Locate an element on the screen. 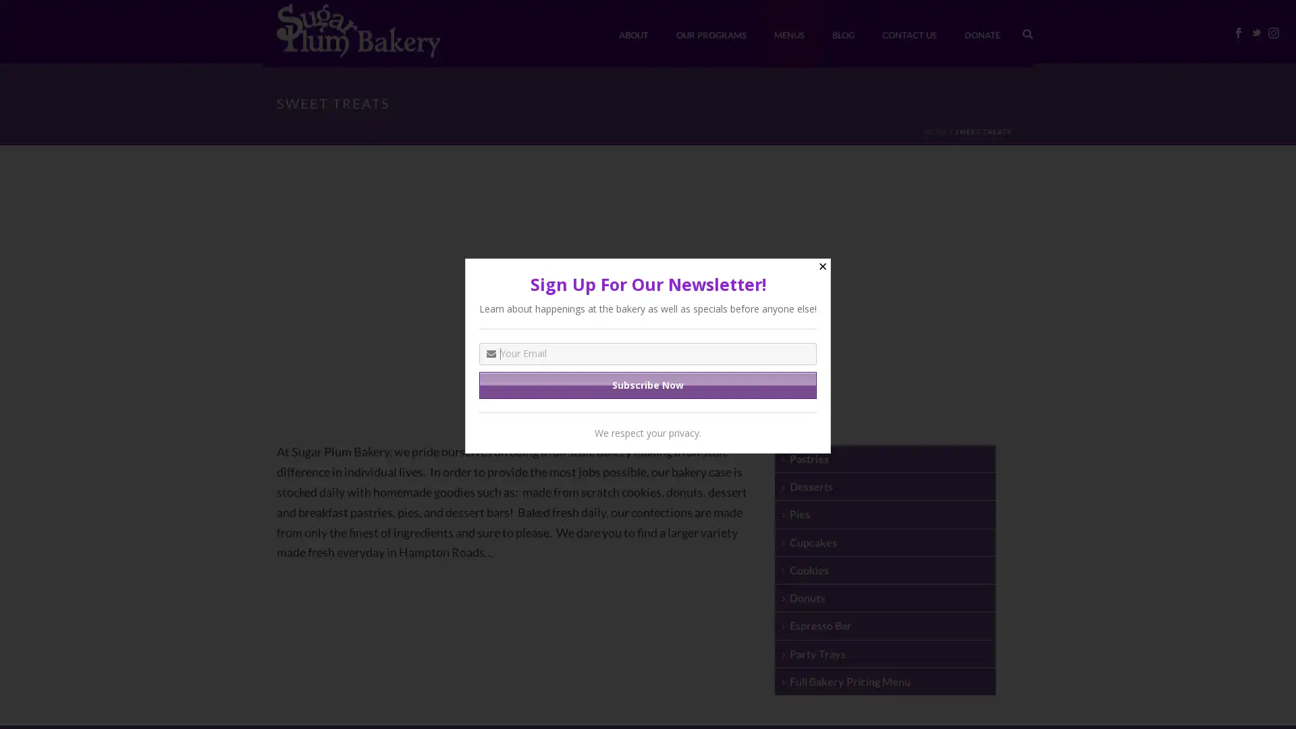 This screenshot has height=729, width=1296. Subscribe Now is located at coordinates (648, 385).